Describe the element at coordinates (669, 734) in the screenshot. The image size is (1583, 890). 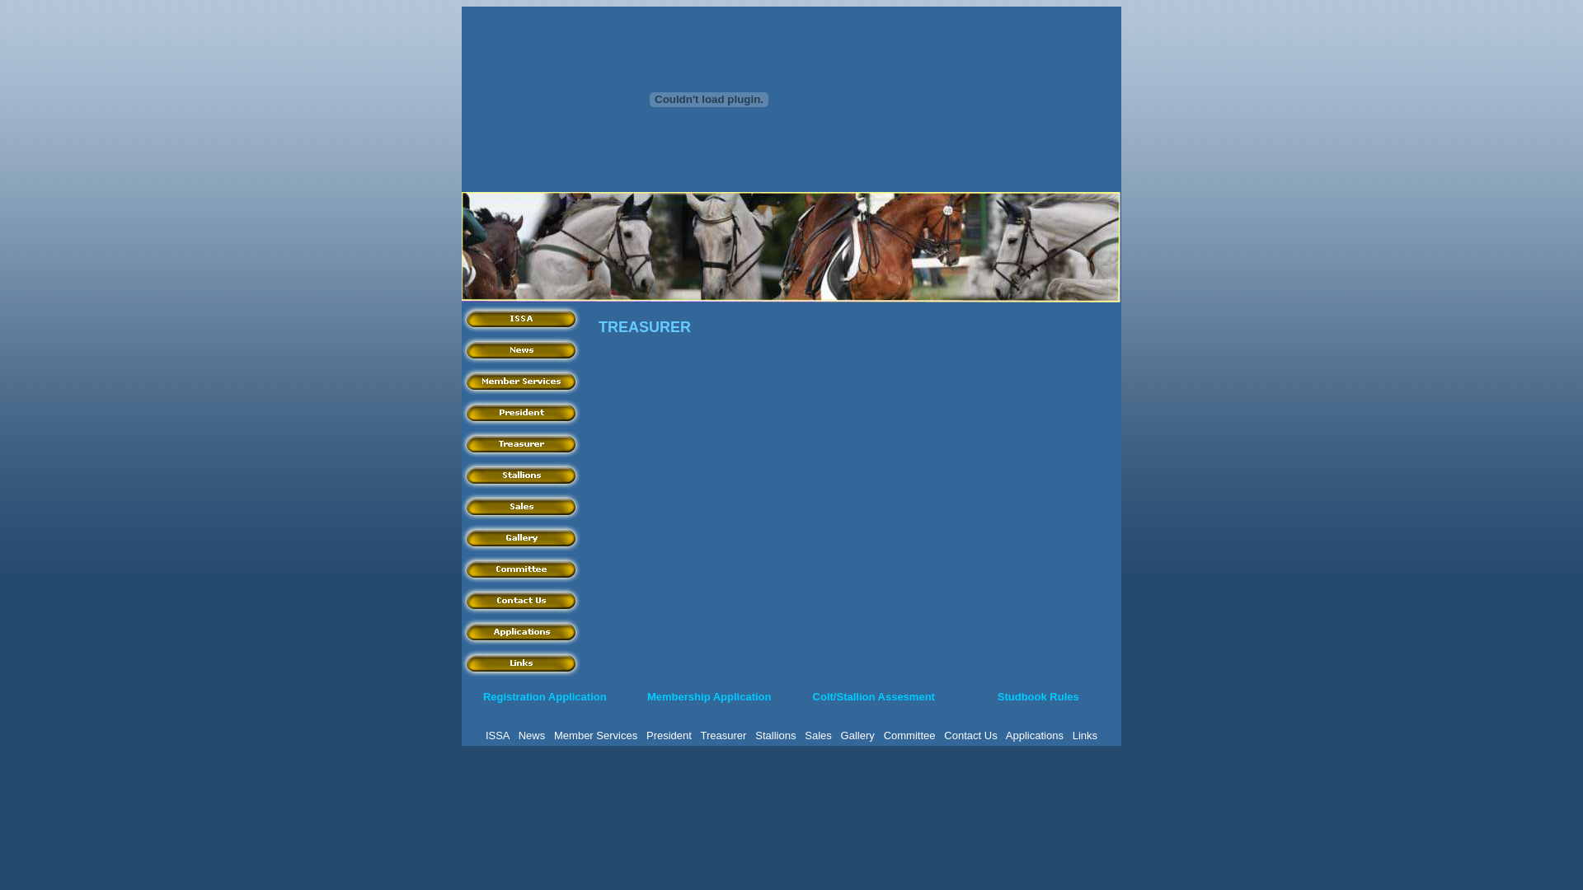
I see `'President'` at that location.